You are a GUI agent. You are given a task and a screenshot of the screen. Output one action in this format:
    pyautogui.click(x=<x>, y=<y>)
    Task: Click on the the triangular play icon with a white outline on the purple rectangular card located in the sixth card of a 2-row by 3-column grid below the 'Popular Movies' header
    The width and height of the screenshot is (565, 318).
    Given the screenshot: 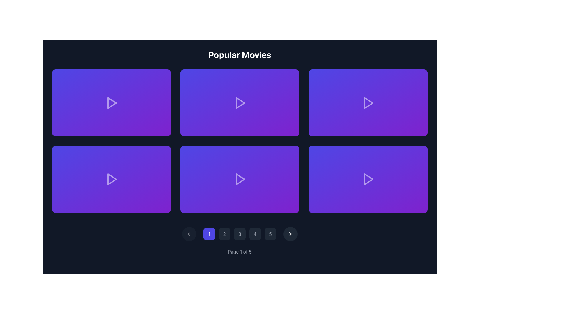 What is the action you would take?
    pyautogui.click(x=368, y=179)
    